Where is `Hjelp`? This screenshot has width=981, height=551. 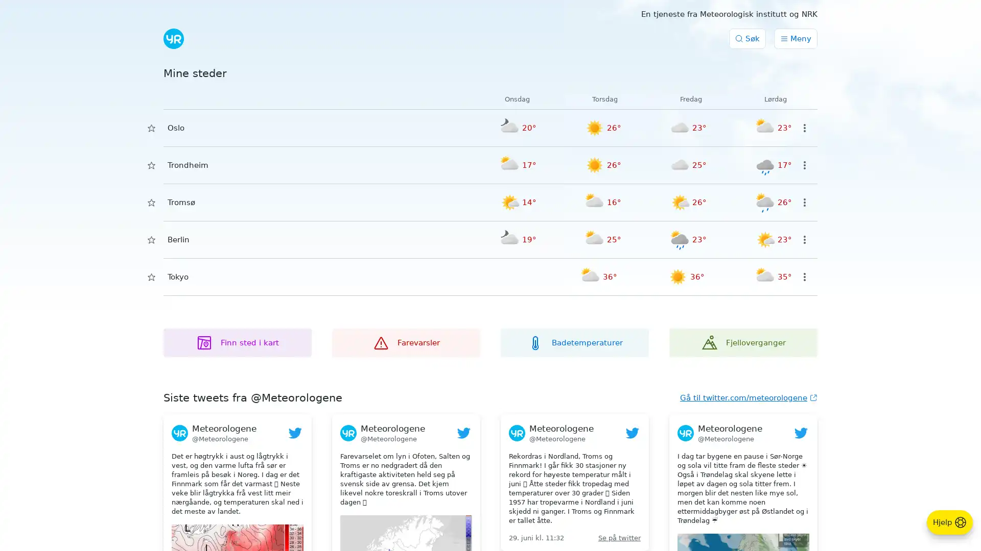 Hjelp is located at coordinates (949, 522).